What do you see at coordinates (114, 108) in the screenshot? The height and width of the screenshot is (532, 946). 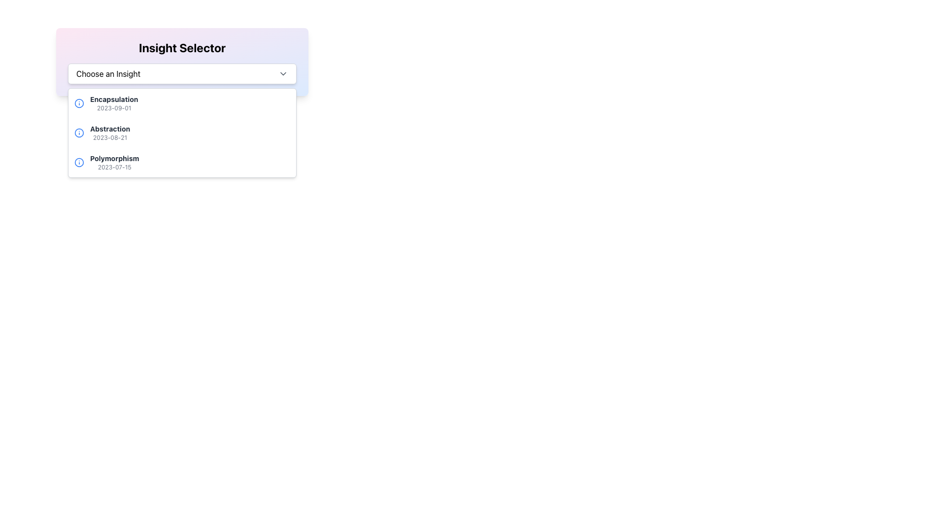 I see `the text label displaying the date '2023-09-01', which is styled as plain text in light gray color and positioned below the 'Encapsulation' text inside a dropdown menu` at bounding box center [114, 108].